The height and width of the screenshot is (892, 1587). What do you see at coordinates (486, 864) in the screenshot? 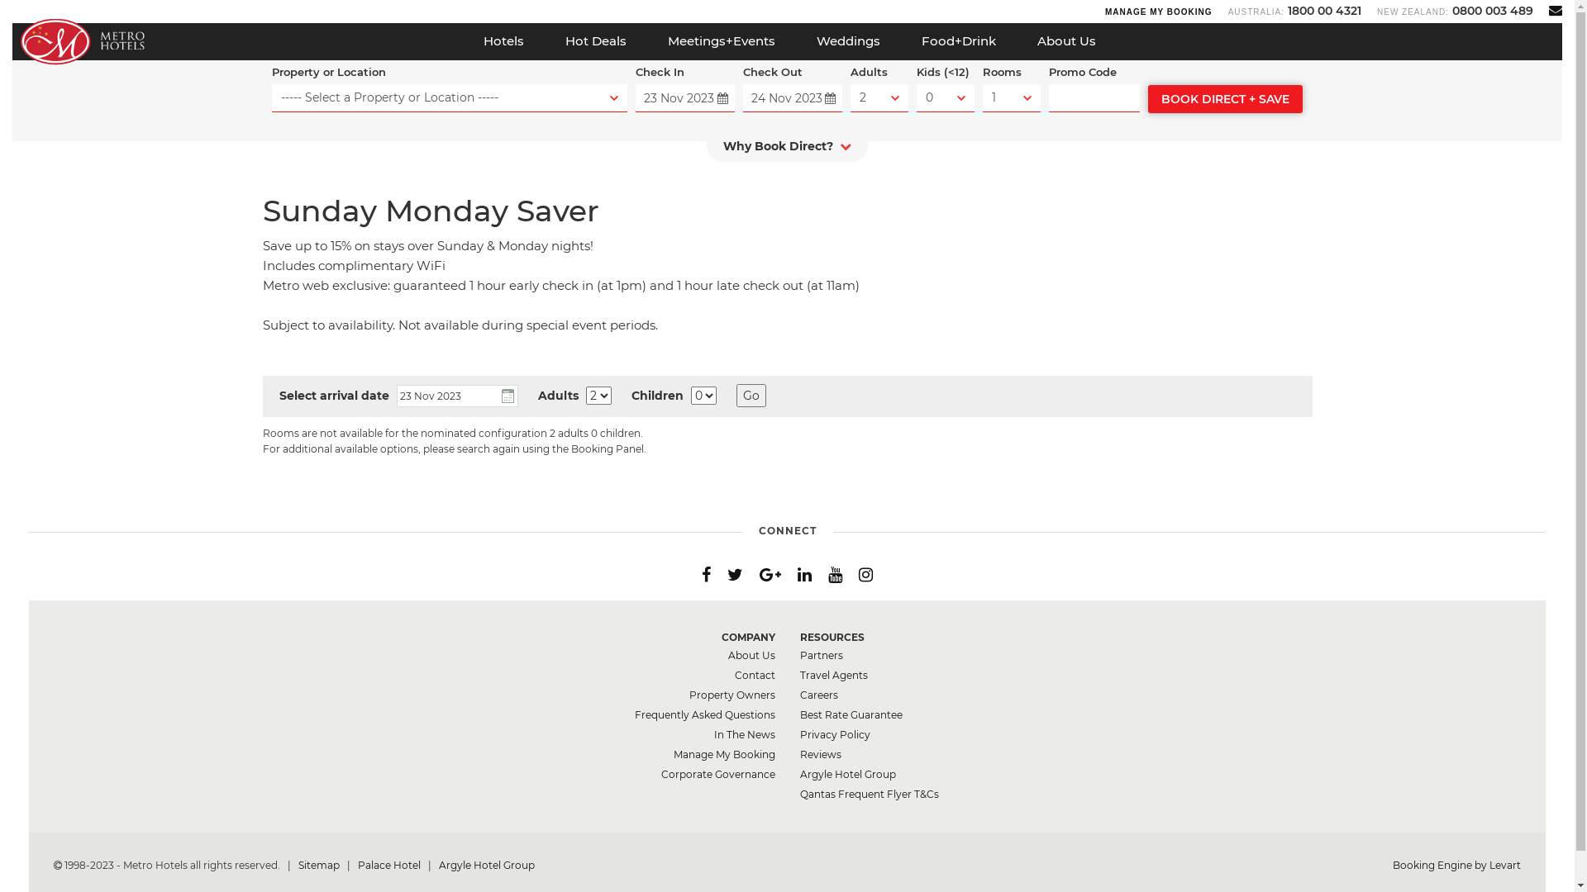
I see `'Argyle Hotel Group'` at bounding box center [486, 864].